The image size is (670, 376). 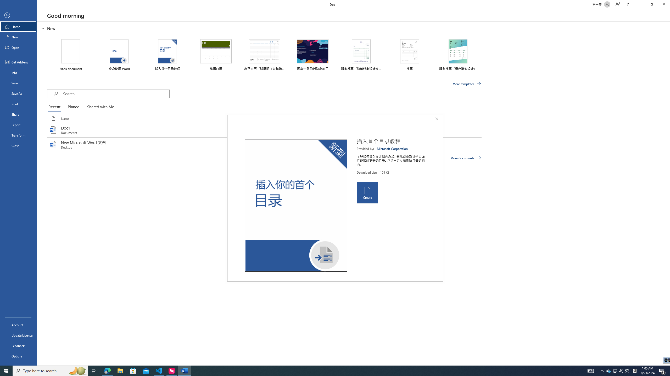 I want to click on 'Pinned', so click(x=73, y=107).